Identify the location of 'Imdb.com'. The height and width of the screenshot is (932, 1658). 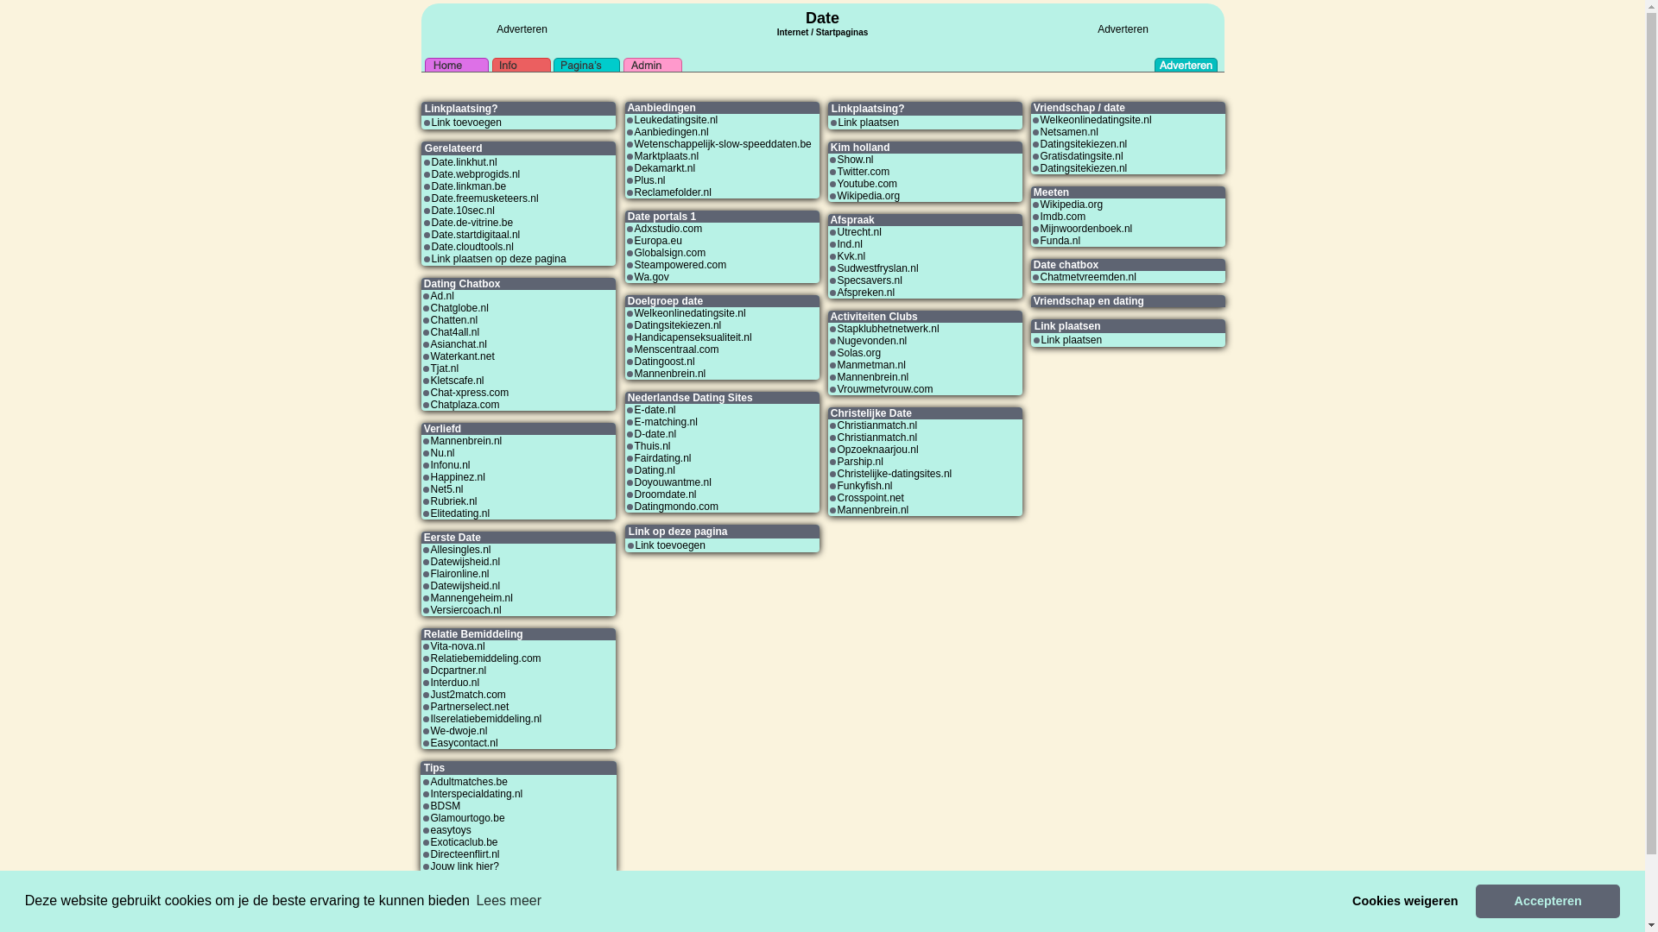
(1061, 215).